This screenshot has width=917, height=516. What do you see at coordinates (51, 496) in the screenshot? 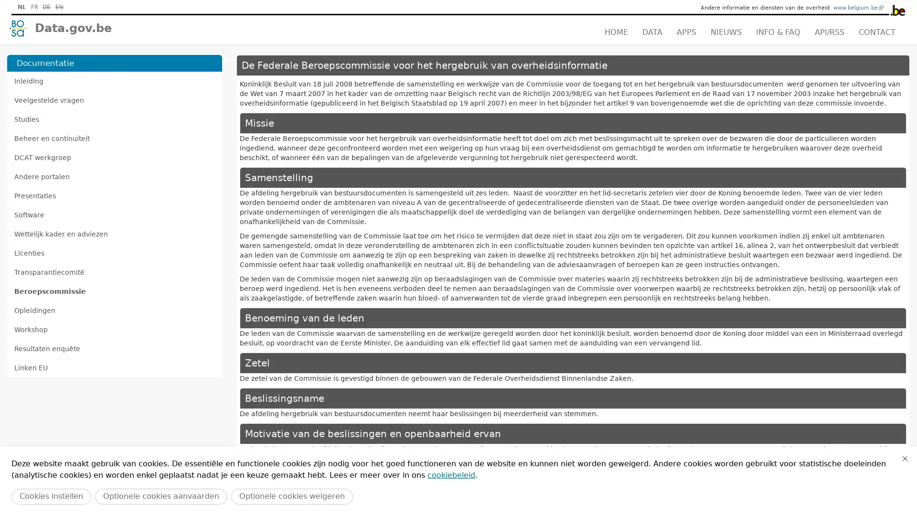
I see `Cookies instellen` at bounding box center [51, 496].